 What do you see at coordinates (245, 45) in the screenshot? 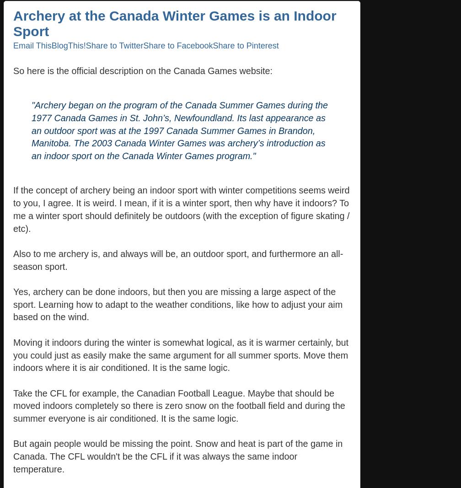
I see `'Share to Pinterest'` at bounding box center [245, 45].